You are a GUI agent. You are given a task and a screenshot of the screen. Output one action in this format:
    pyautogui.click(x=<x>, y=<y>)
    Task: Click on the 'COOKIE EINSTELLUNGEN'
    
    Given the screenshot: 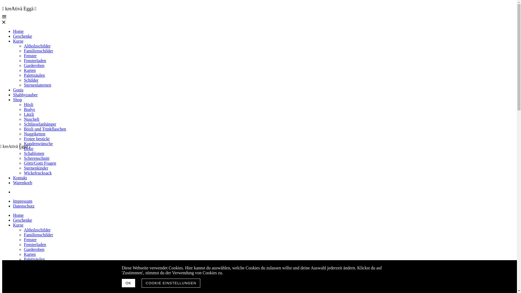 What is the action you would take?
    pyautogui.click(x=171, y=283)
    